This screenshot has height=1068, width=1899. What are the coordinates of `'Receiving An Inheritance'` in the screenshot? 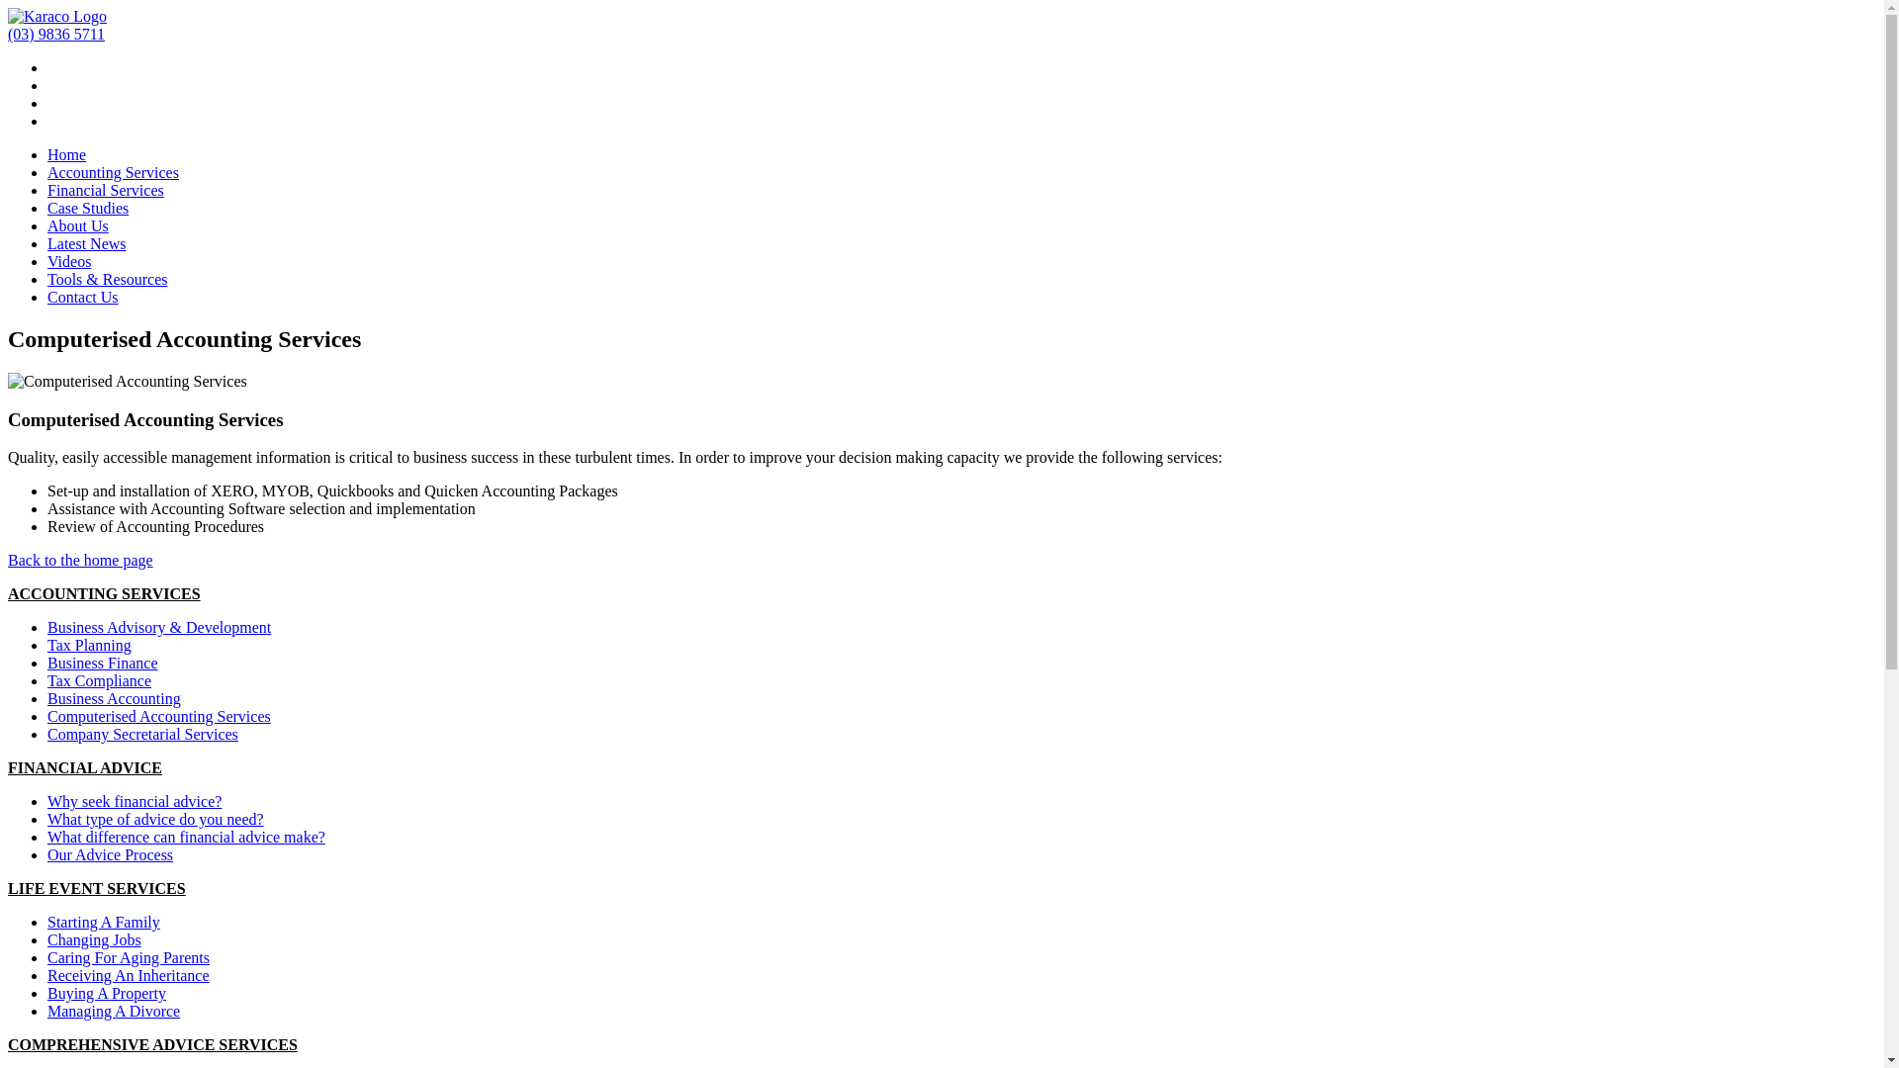 It's located at (127, 974).